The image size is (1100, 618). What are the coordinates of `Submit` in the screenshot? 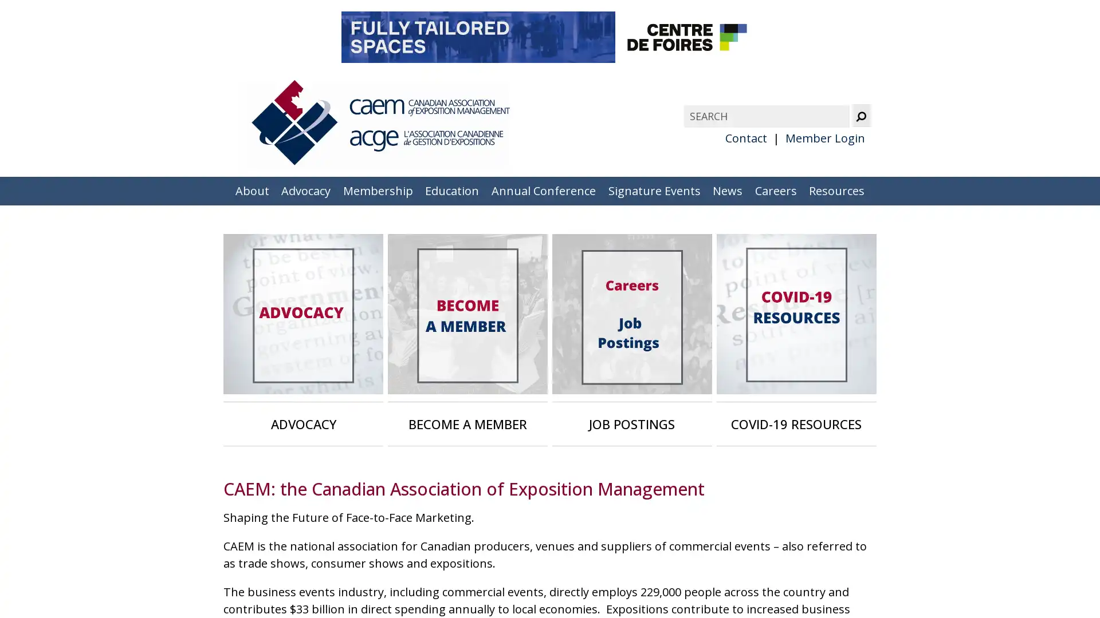 It's located at (861, 115).